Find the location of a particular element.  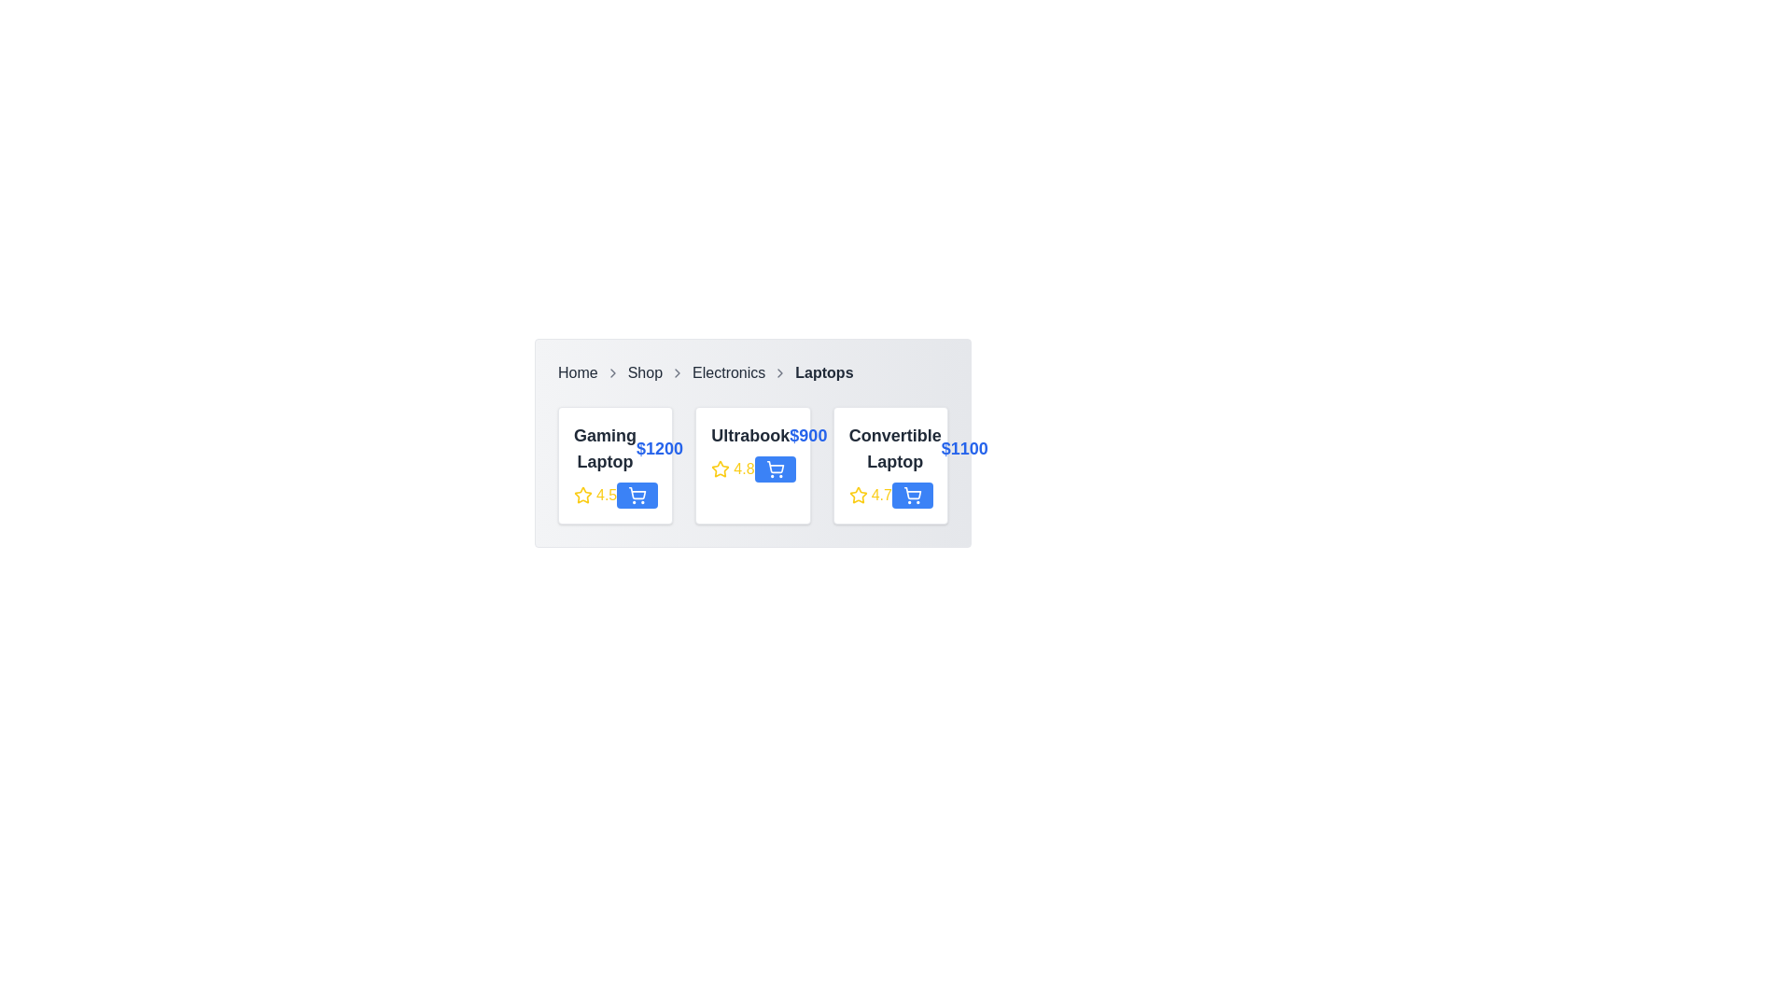

any action button within the centrally located Grid Layout that presents laptop items with titles, prices, ratings, and action buttons is located at coordinates (752, 464).